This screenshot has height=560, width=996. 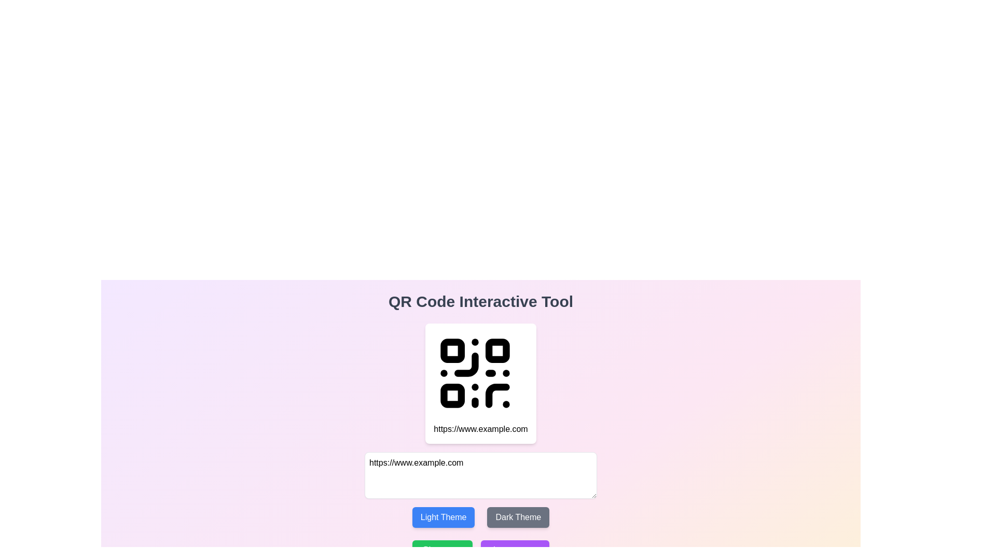 What do you see at coordinates (444, 517) in the screenshot?
I see `the 'Light Theme' button, which is a blue button with rounded corners and white text, located below a text input field` at bounding box center [444, 517].